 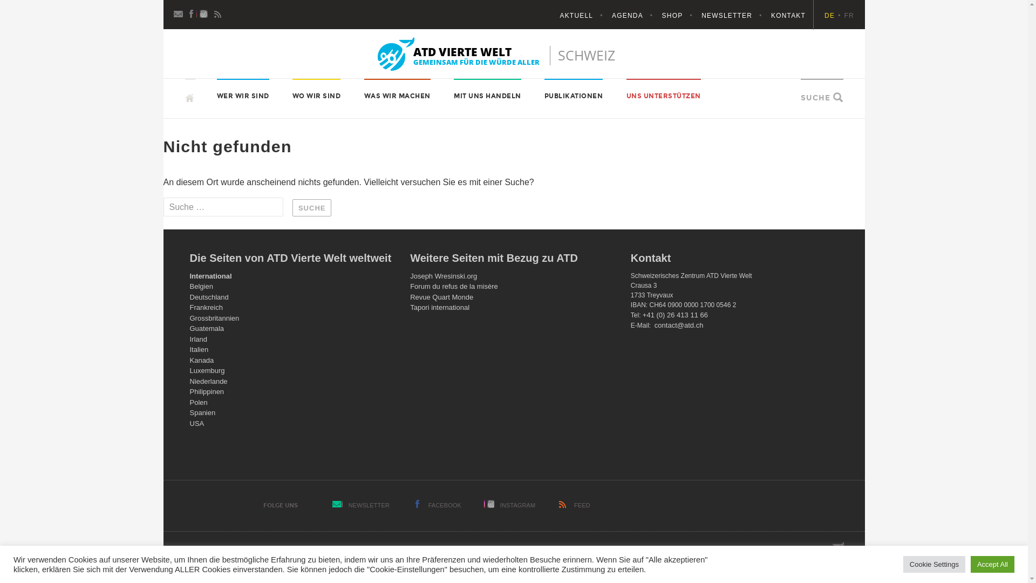 What do you see at coordinates (206, 307) in the screenshot?
I see `'Frankreich'` at bounding box center [206, 307].